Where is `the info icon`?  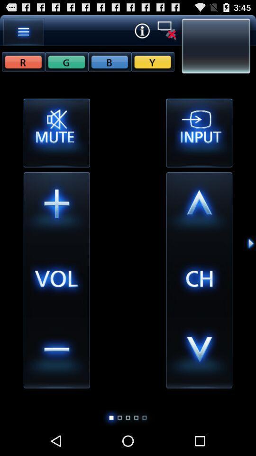
the info icon is located at coordinates (141, 32).